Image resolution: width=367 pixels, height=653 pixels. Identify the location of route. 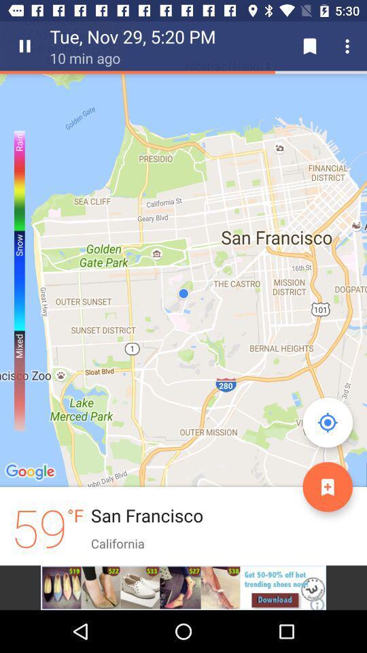
(327, 486).